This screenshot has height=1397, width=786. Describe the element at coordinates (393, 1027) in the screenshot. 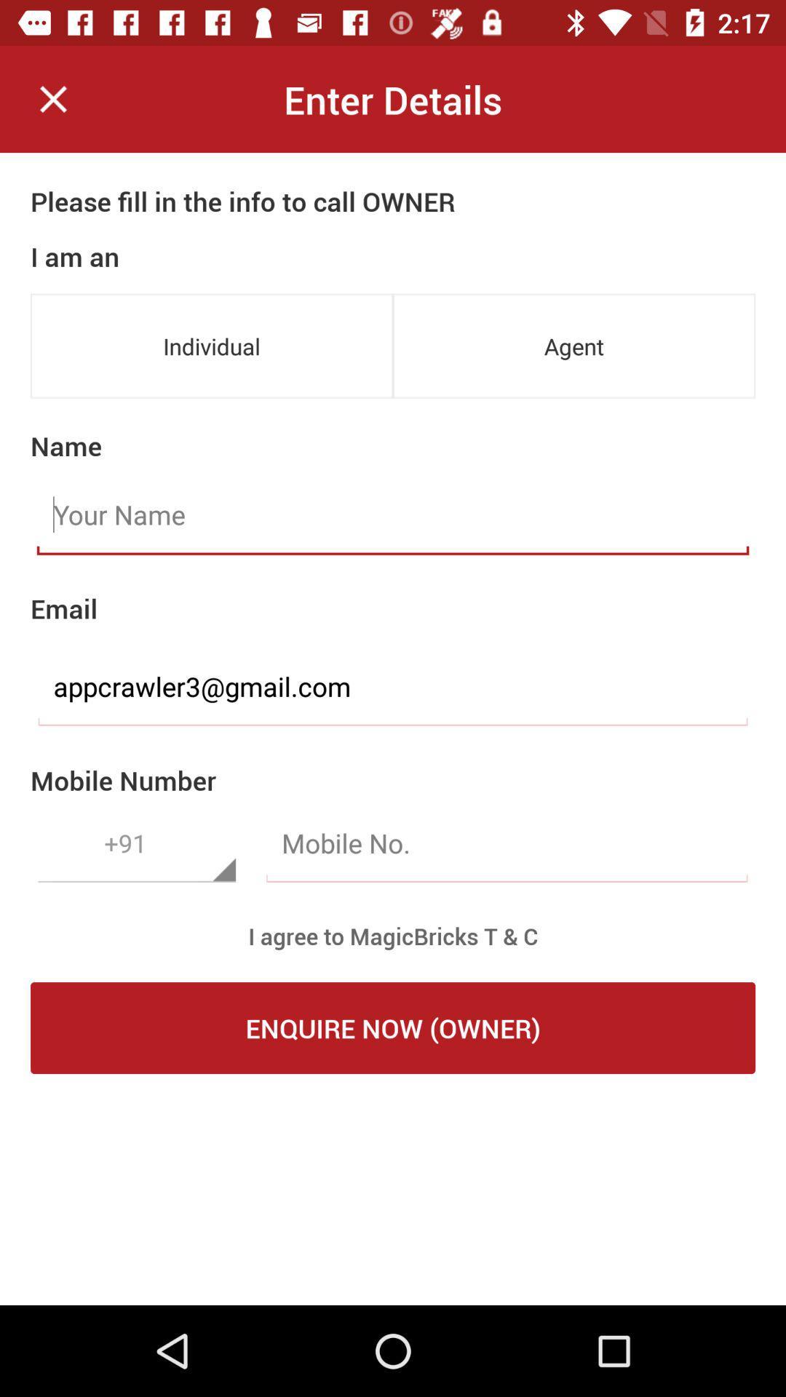

I see `the enquire now (owner)` at that location.